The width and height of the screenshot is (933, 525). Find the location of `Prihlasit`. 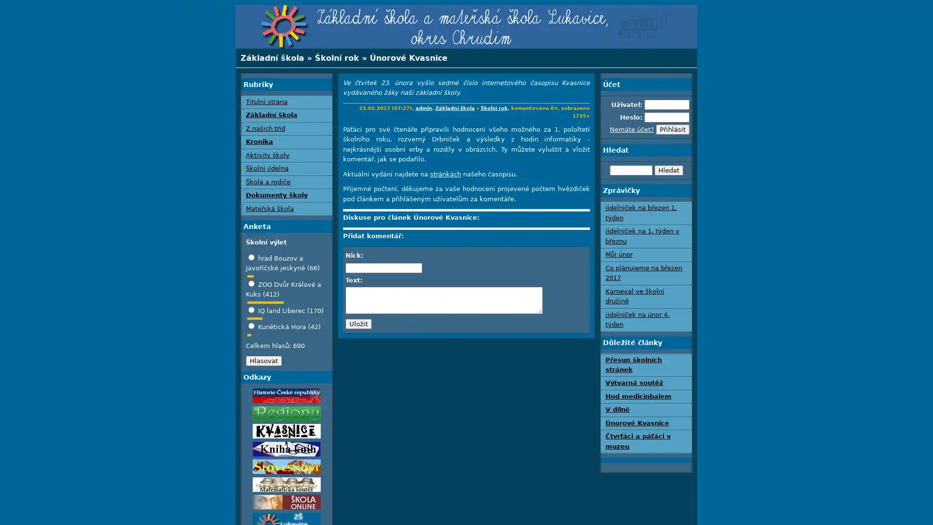

Prihlasit is located at coordinates (672, 129).